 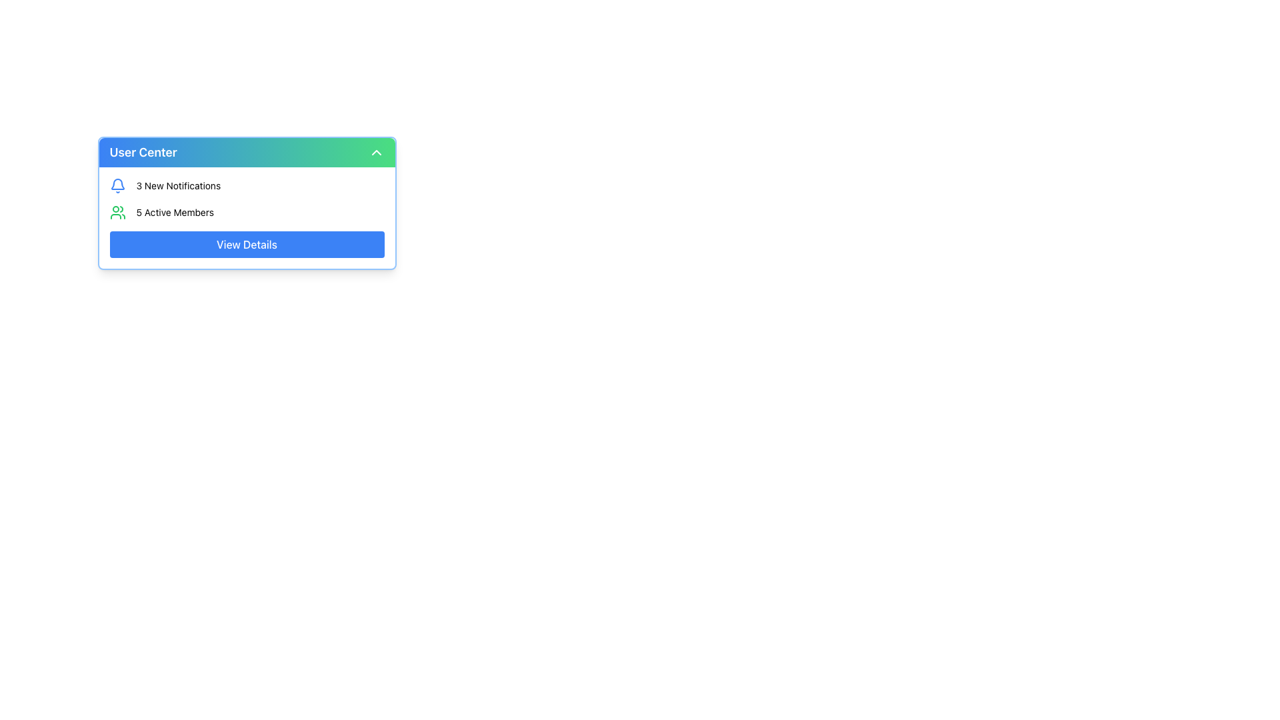 What do you see at coordinates (177, 185) in the screenshot?
I see `the informational text label indicating three new notifications located in the 'User Center' section, positioned to the right of the notification bell icon` at bounding box center [177, 185].